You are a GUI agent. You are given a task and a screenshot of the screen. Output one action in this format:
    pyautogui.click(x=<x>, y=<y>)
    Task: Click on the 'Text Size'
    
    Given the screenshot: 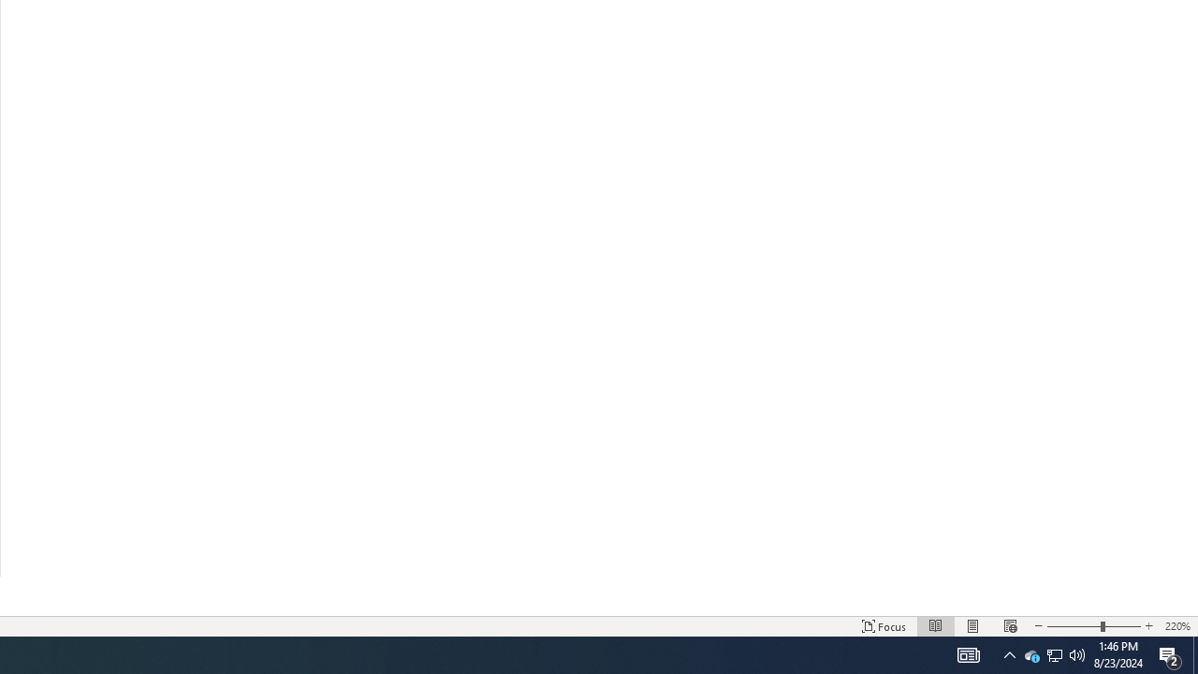 What is the action you would take?
    pyautogui.click(x=1093, y=626)
    